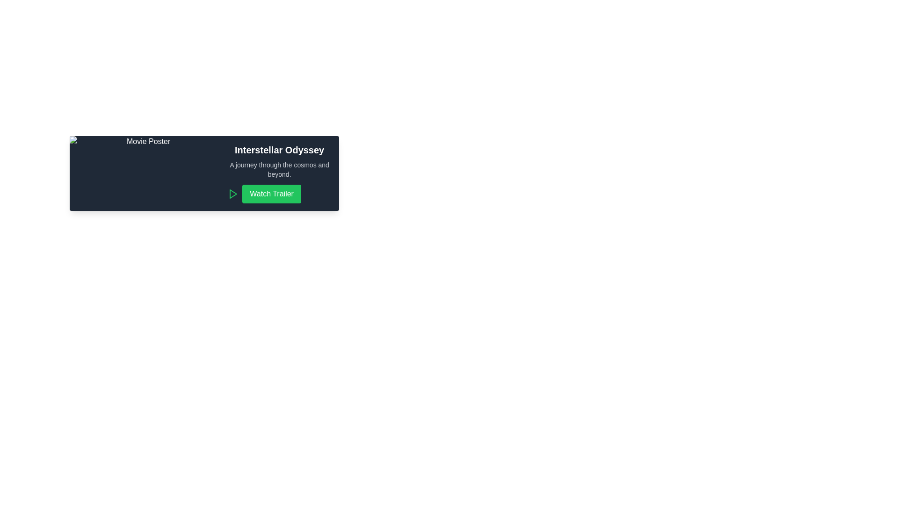  What do you see at coordinates (233, 194) in the screenshot?
I see `the triangular play button icon filled with green and outlined with a black stroke, located to the left of the 'Watch Trailer' button in the dark-themed card layout for 'Interstellar Odyssey'` at bounding box center [233, 194].